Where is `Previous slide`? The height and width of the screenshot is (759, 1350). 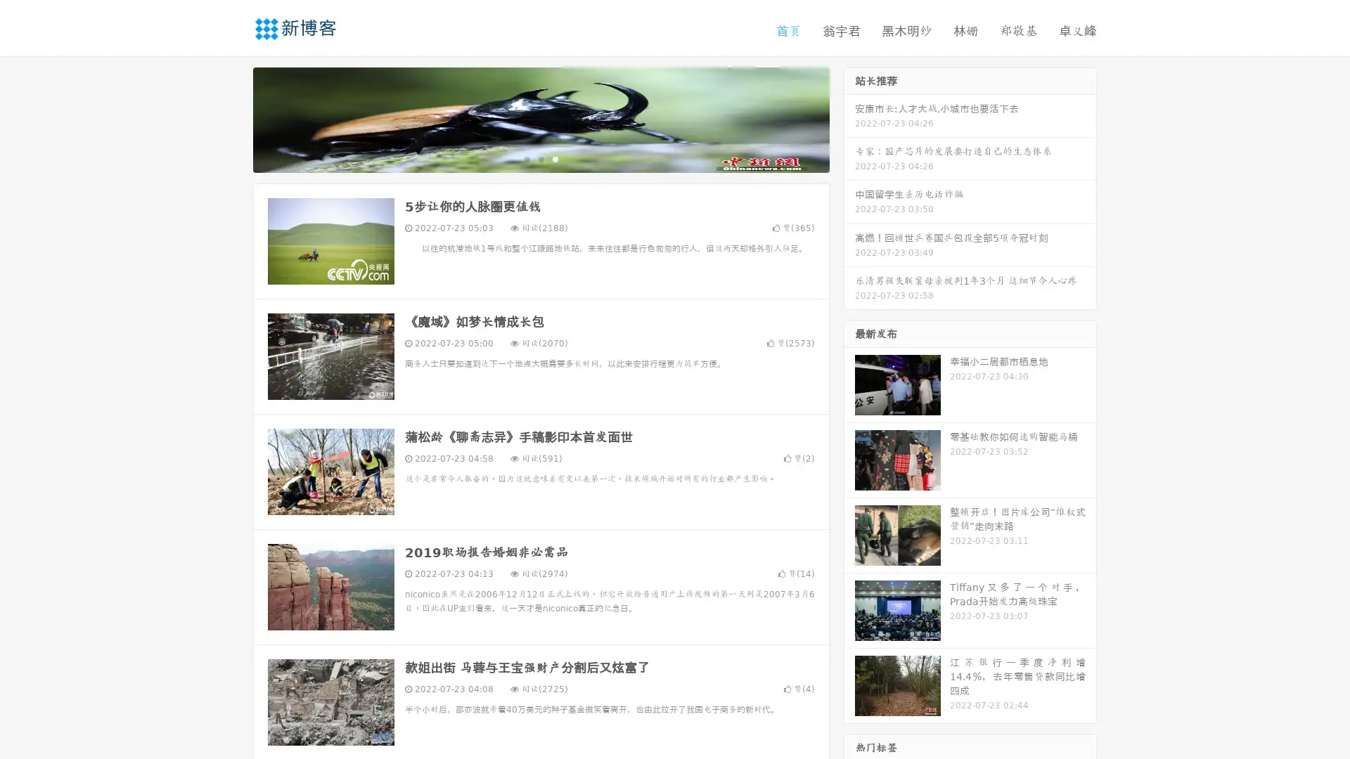 Previous slide is located at coordinates (232, 118).